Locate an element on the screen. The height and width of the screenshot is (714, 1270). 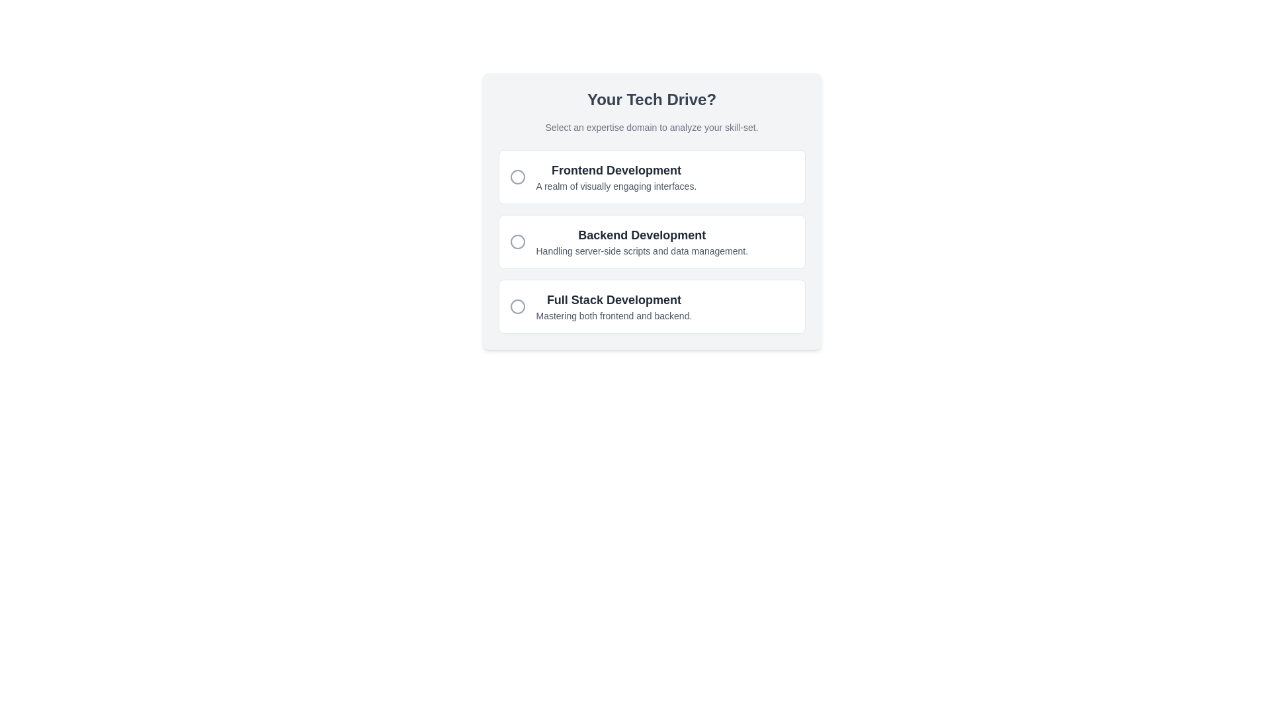
the selectable list item labeled 'Backend Development' is located at coordinates (652, 242).